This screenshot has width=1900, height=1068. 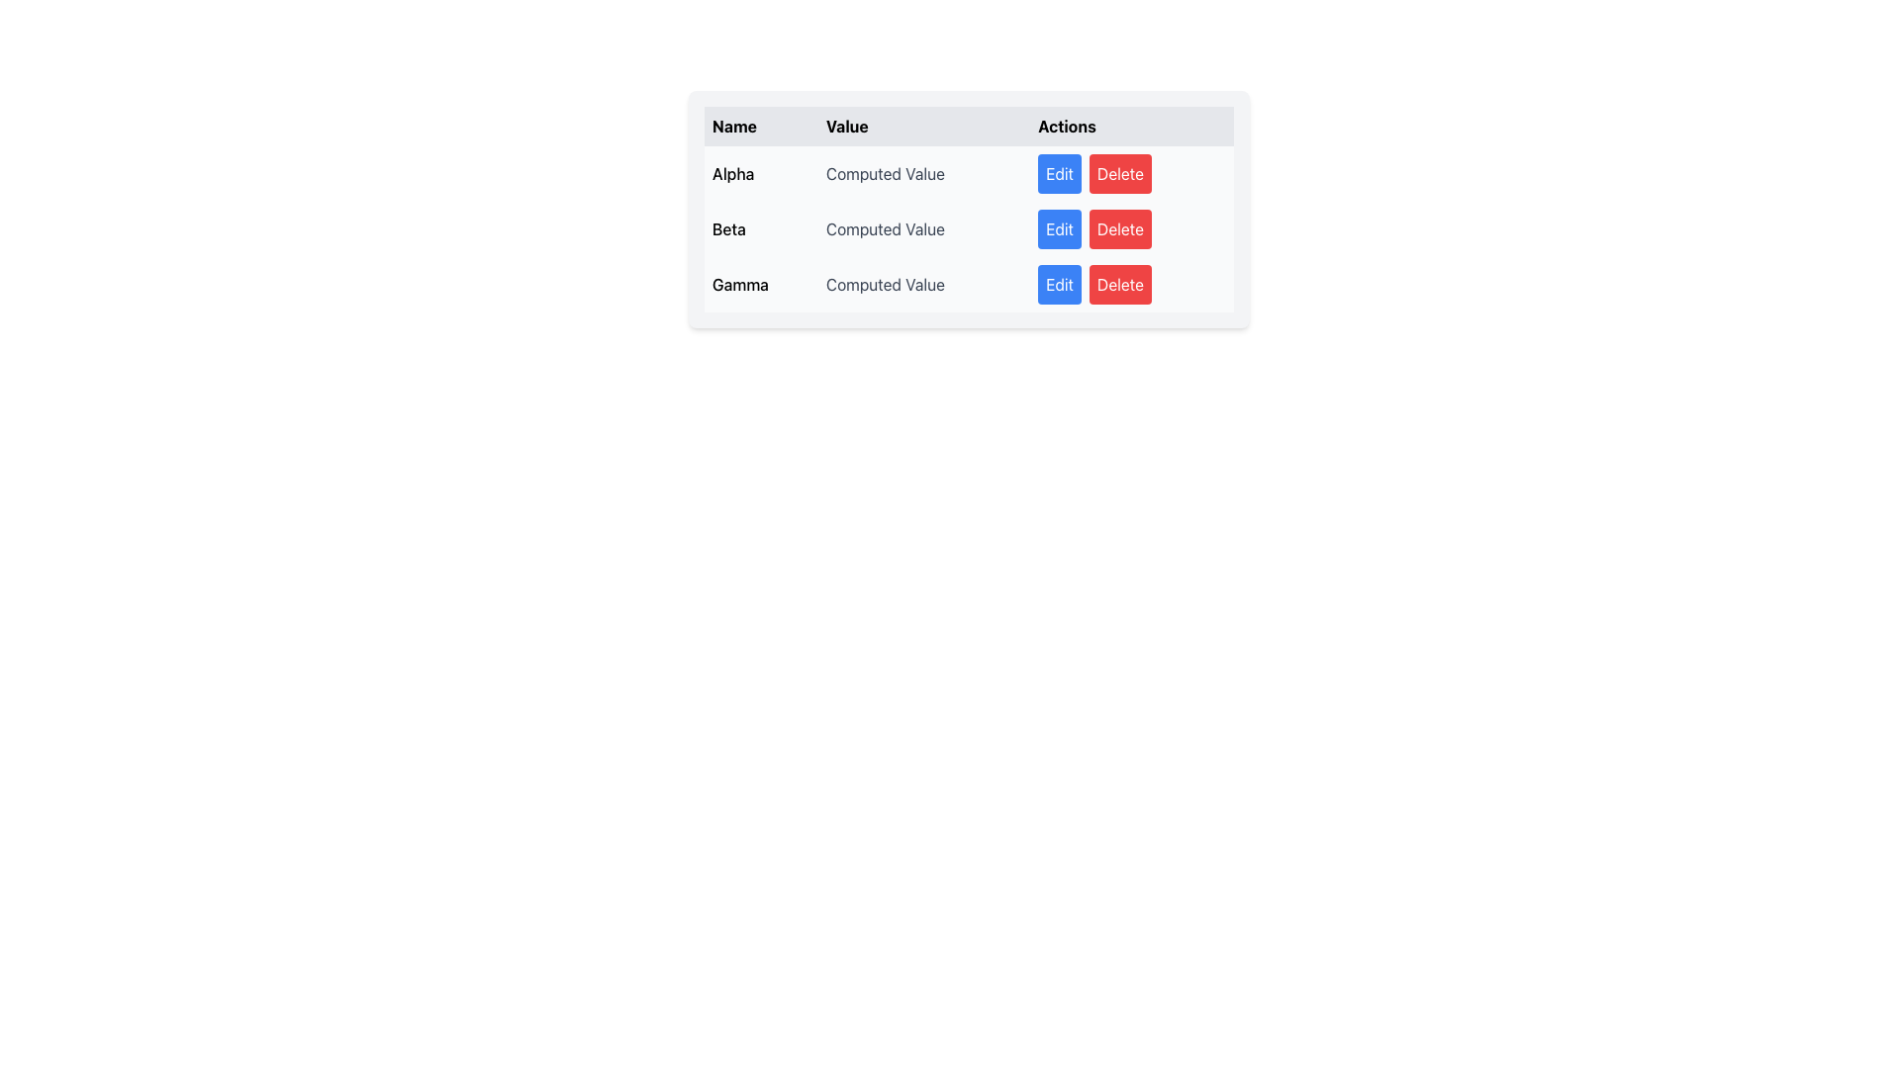 What do you see at coordinates (923, 173) in the screenshot?
I see `the read-only text cell displaying the 'Computed Value' in the second cell of the first row of the table` at bounding box center [923, 173].